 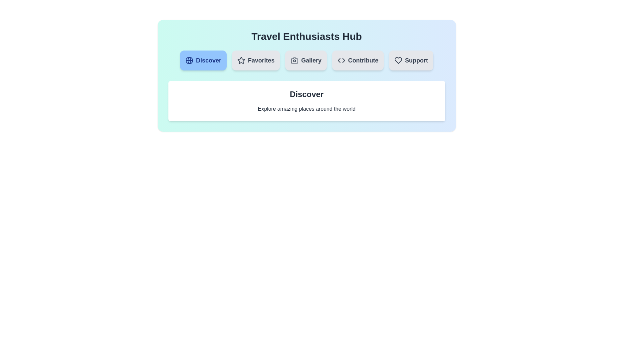 I want to click on the 'Contribute' button using keyboard navigation, so click(x=357, y=60).